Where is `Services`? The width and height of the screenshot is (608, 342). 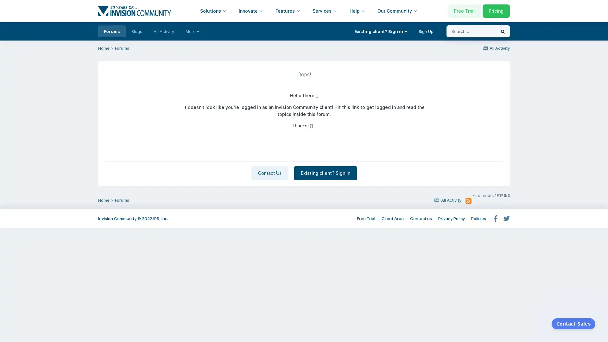 Services is located at coordinates (325, 11).